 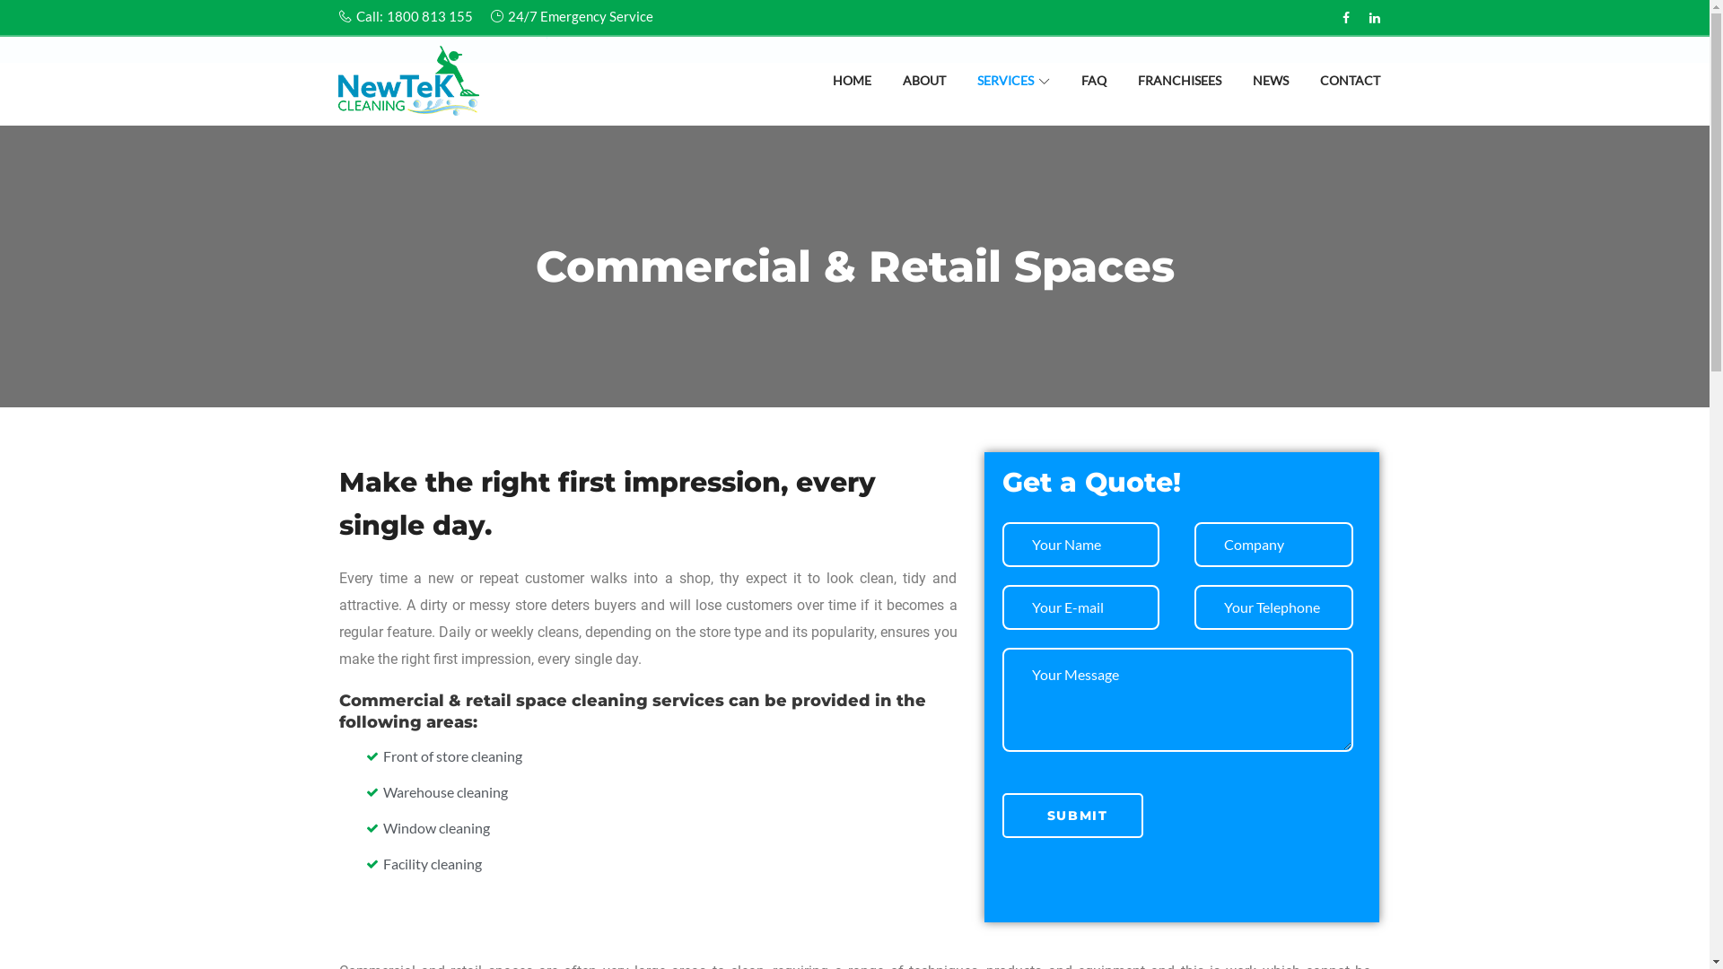 I want to click on 'HOME', so click(x=851, y=90).